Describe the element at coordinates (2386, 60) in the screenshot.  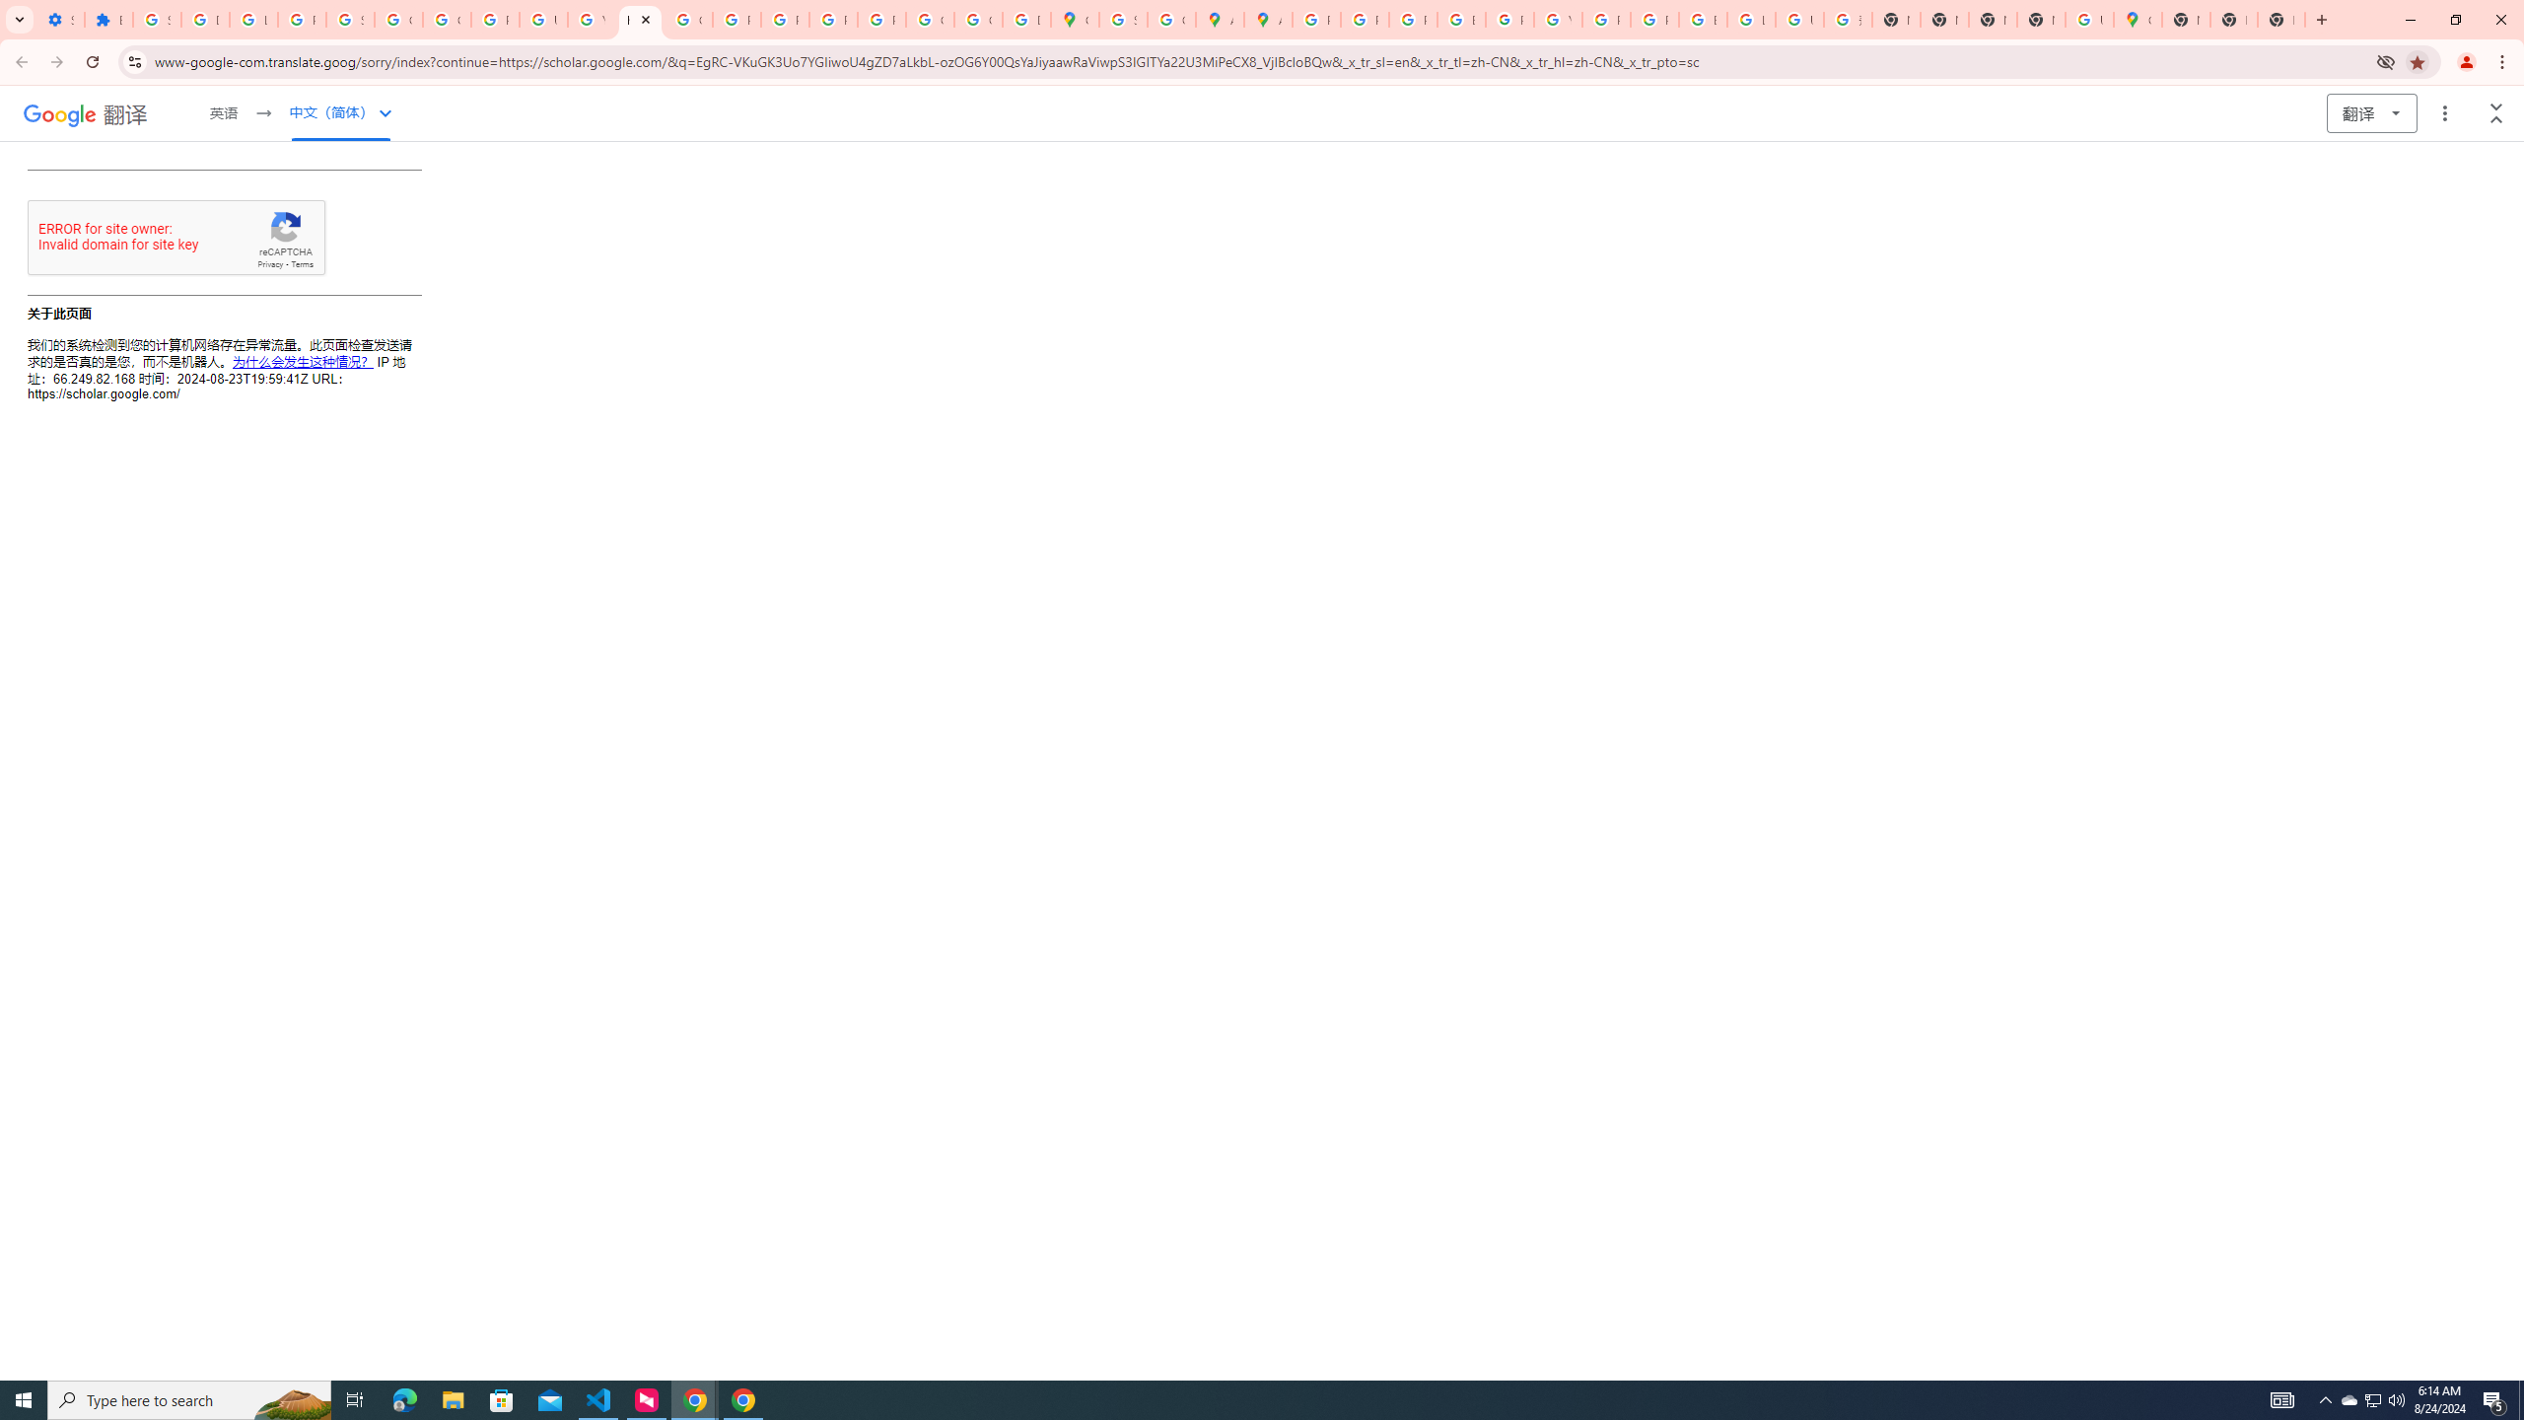
I see `'Third-party cookies blocked'` at that location.